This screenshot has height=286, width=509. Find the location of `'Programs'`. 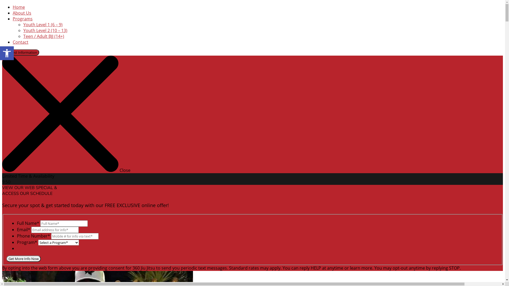

'Programs' is located at coordinates (13, 18).